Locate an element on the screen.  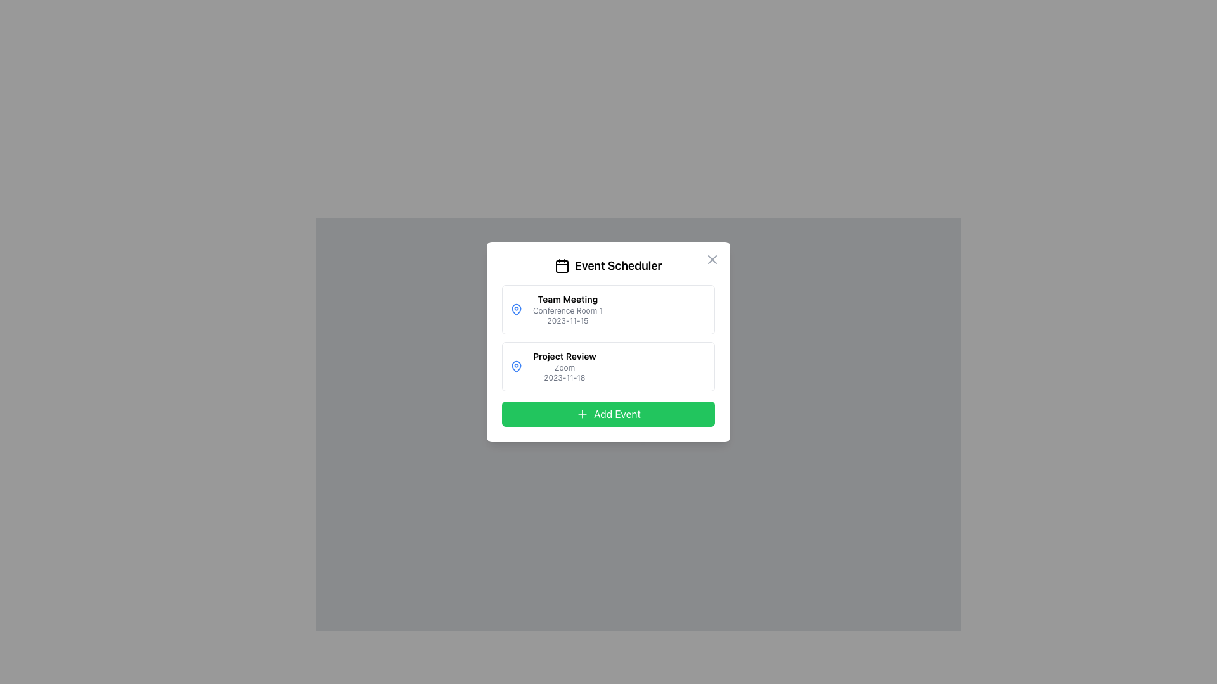
the informational block detailing the upcoming event, which is the second entry in the 'Event Scheduler' modal is located at coordinates (563, 366).